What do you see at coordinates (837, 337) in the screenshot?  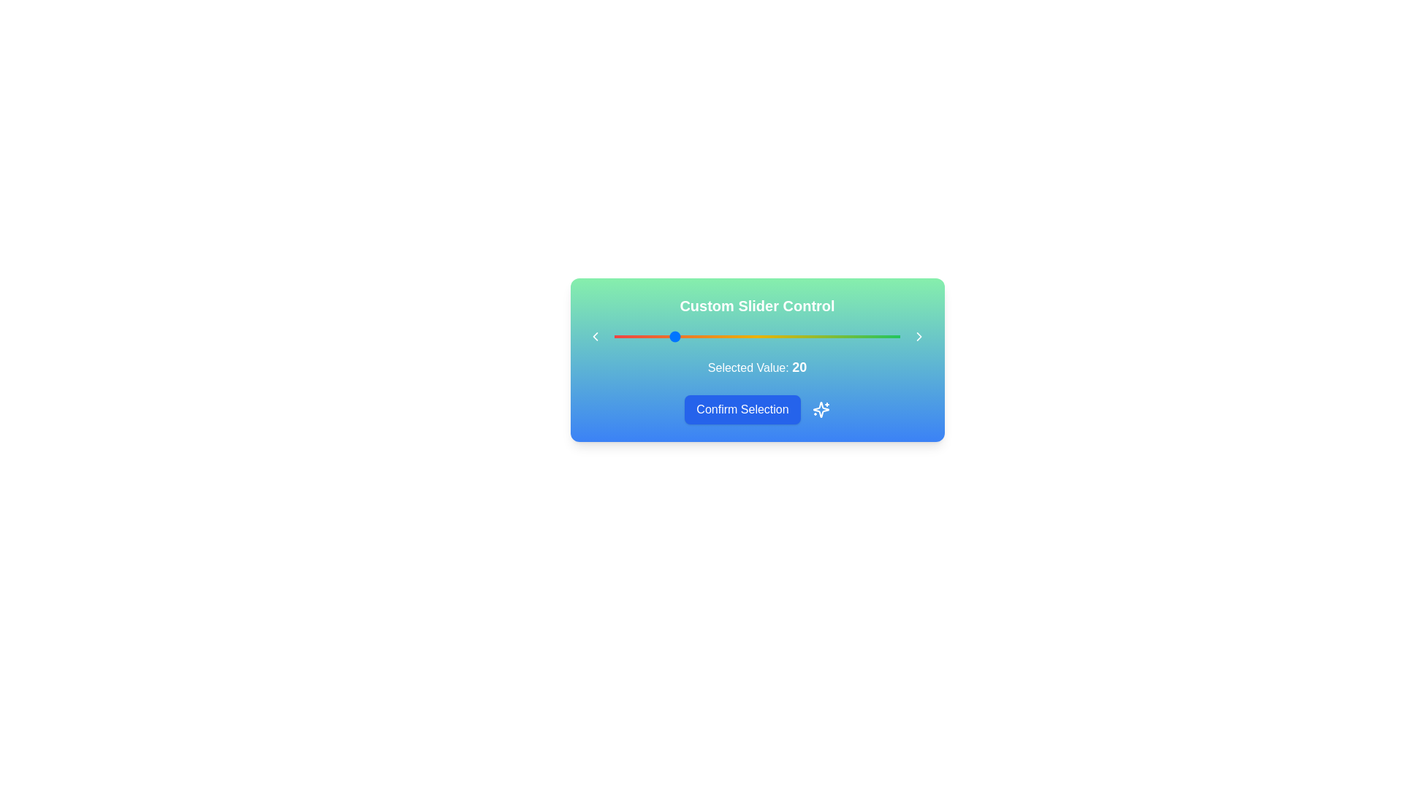 I see `the slider to 78 by dragging the handle` at bounding box center [837, 337].